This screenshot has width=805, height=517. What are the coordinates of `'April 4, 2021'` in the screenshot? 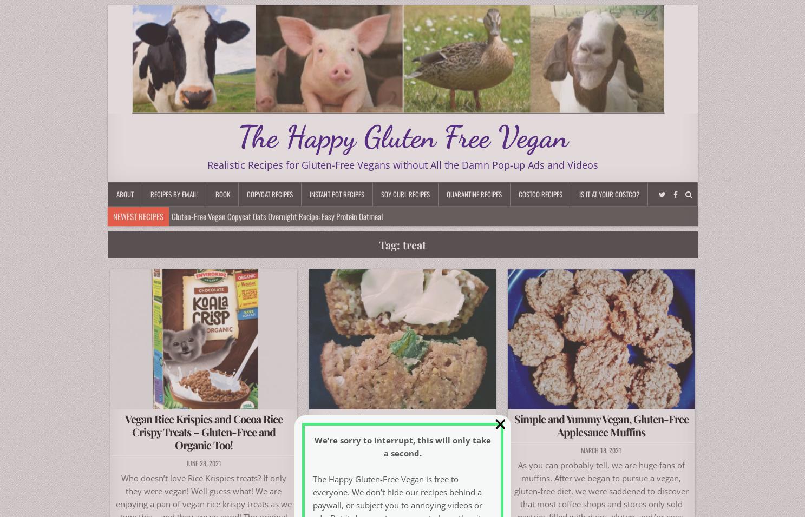 It's located at (402, 462).